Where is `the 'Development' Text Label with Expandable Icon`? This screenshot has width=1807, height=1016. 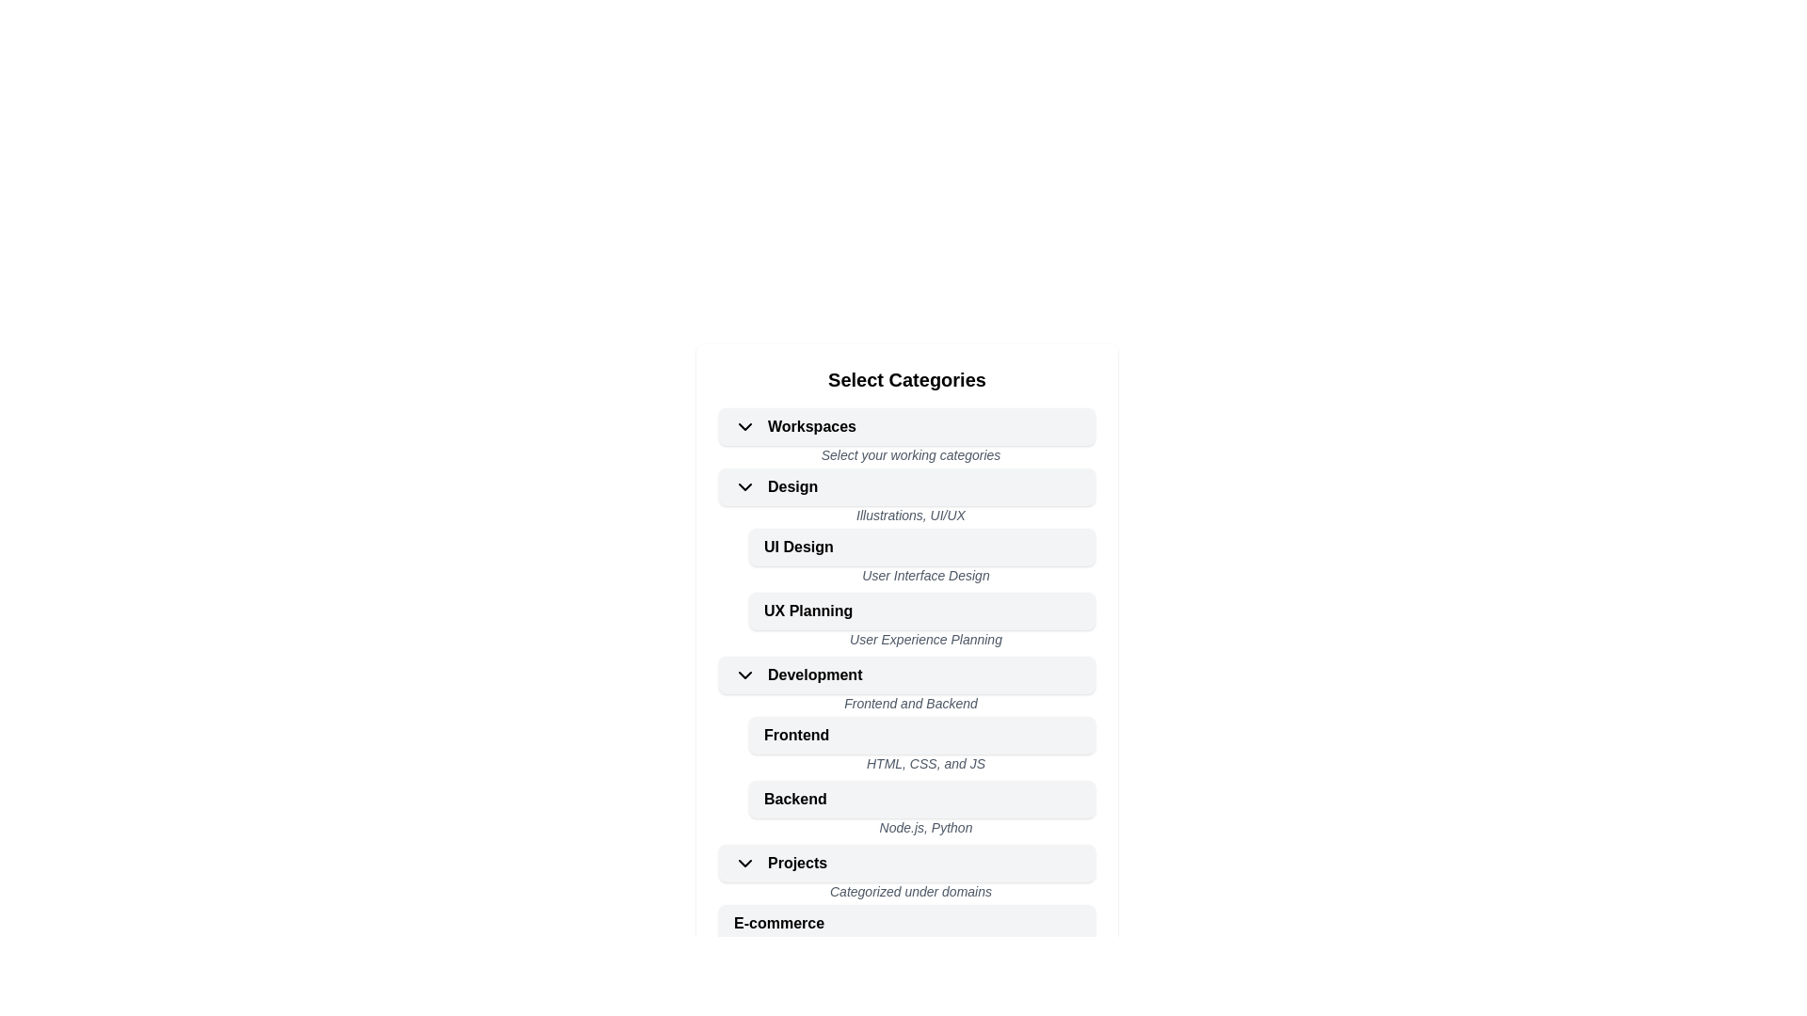
the 'Development' Text Label with Expandable Icon is located at coordinates (798, 674).